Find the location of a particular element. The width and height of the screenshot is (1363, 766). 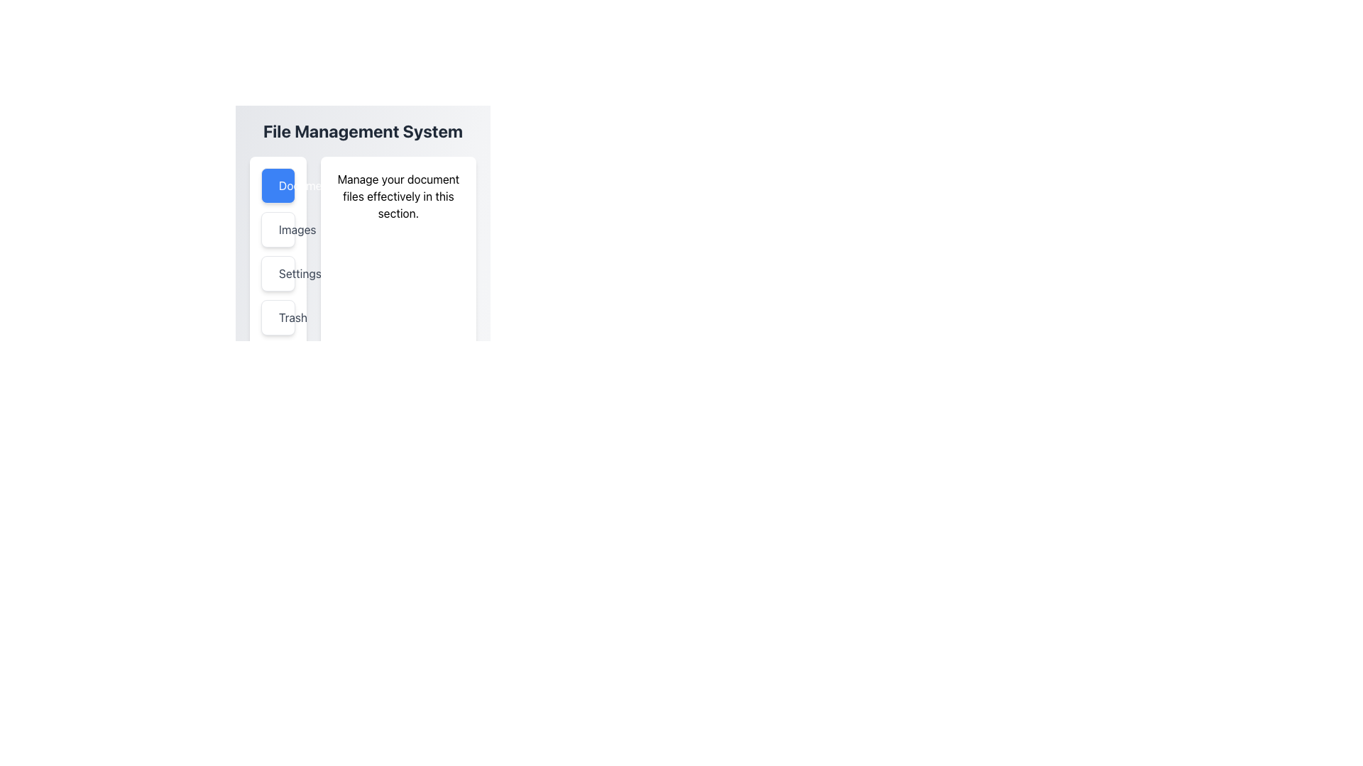

the 'Settings' button in the sidebar menu is located at coordinates (278, 273).